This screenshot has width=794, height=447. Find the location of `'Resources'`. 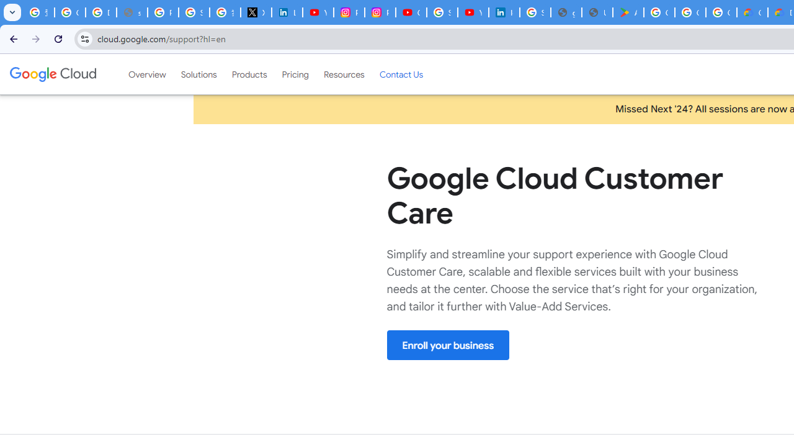

'Resources' is located at coordinates (344, 74).